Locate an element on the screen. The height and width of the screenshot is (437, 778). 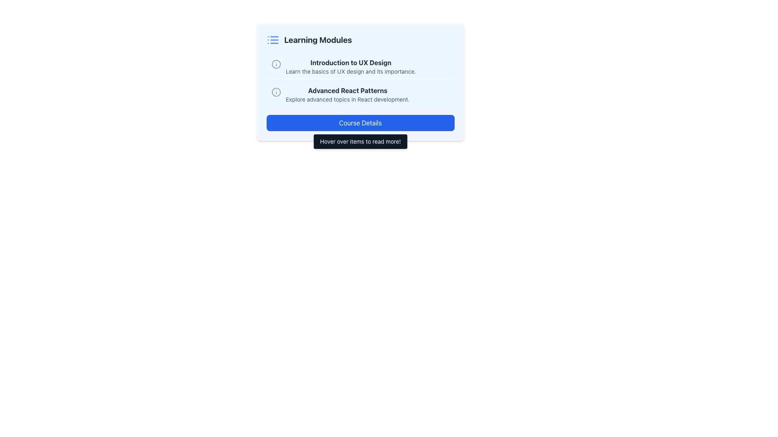
the informational icon located to the left of the 'Advanced React Patterns' text in the 'Learning Modules' section is located at coordinates (276, 91).